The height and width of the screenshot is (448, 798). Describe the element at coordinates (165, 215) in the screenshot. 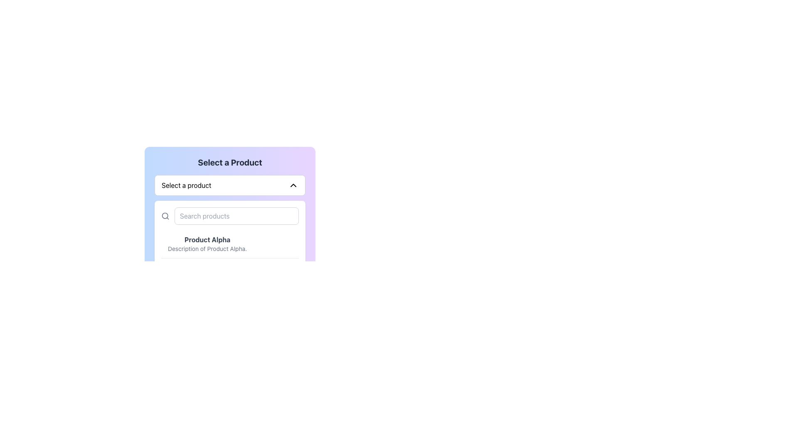

I see `circular graphical element representing the lens frame of the search icon located at the top-left corner of the search bar` at that location.